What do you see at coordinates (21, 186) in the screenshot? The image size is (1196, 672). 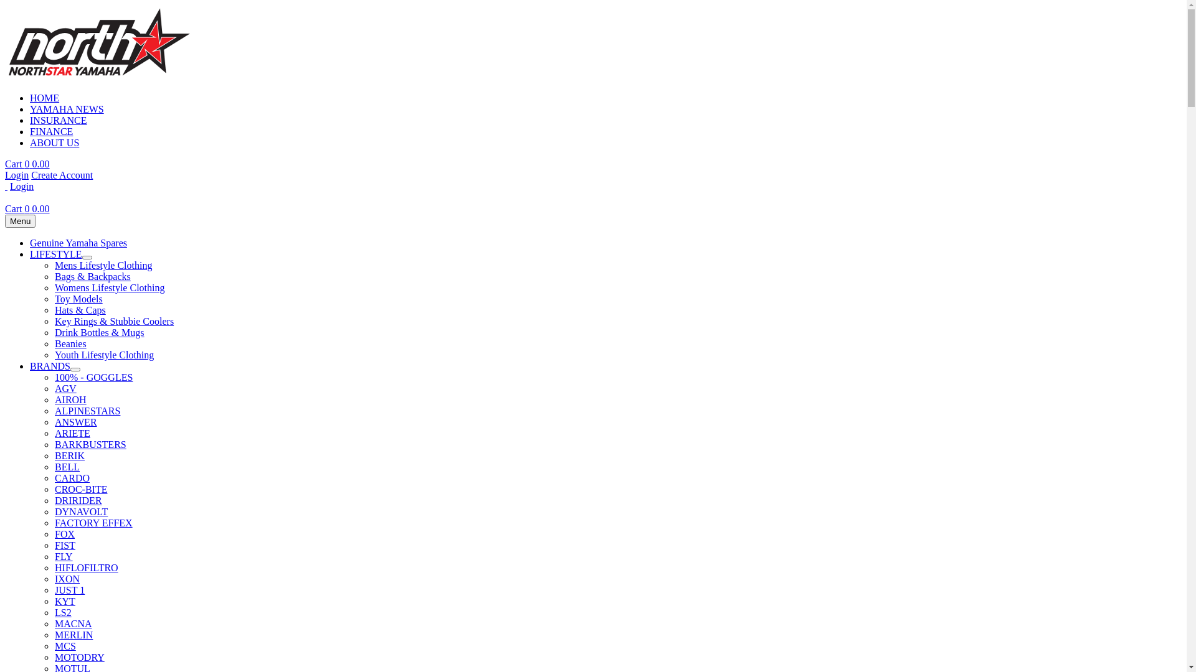 I see `'Login'` at bounding box center [21, 186].